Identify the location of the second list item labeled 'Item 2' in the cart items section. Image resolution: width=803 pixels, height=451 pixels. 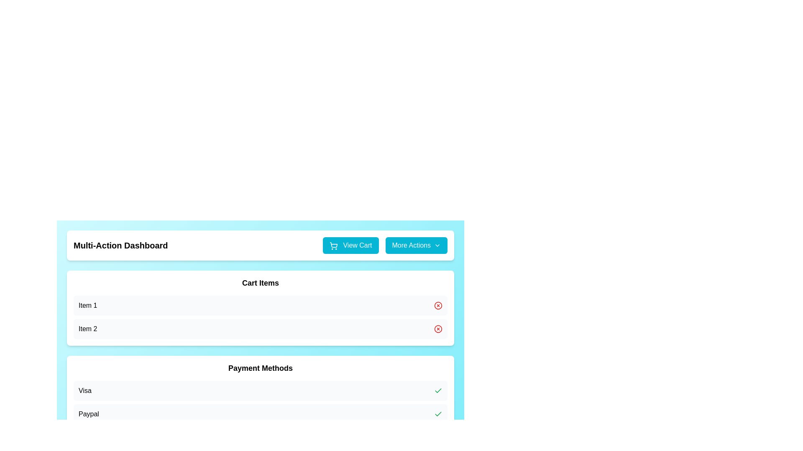
(260, 328).